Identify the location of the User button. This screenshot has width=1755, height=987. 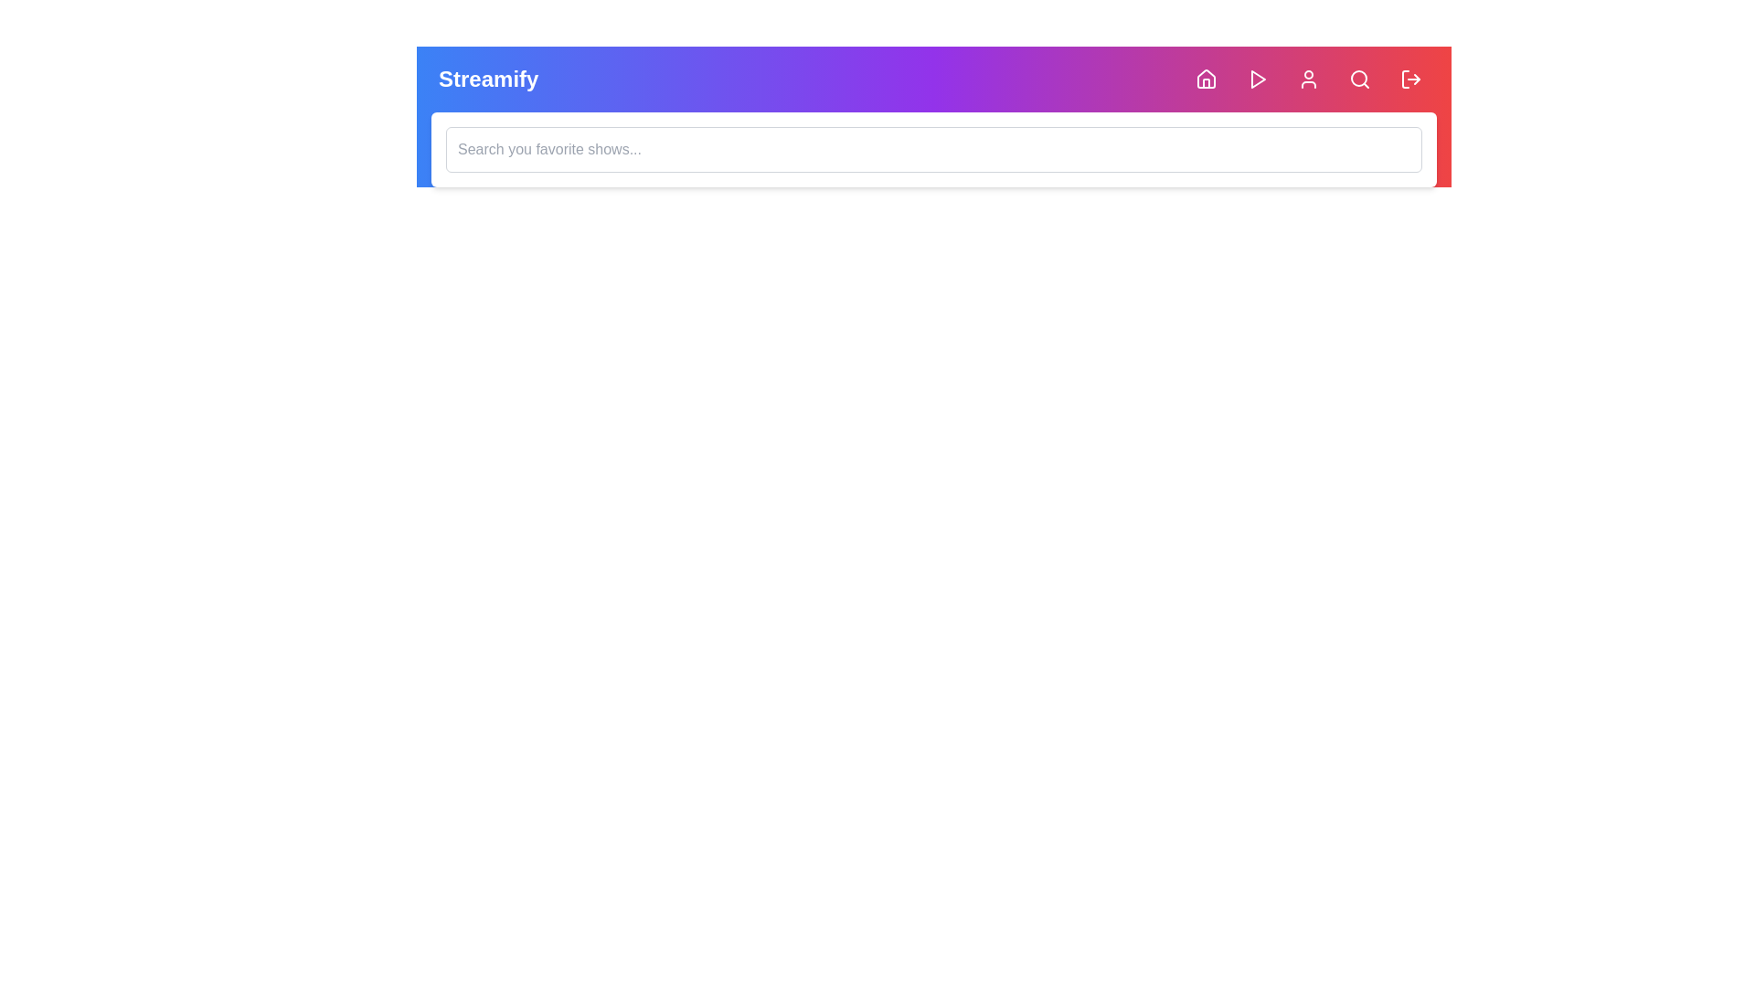
(1307, 79).